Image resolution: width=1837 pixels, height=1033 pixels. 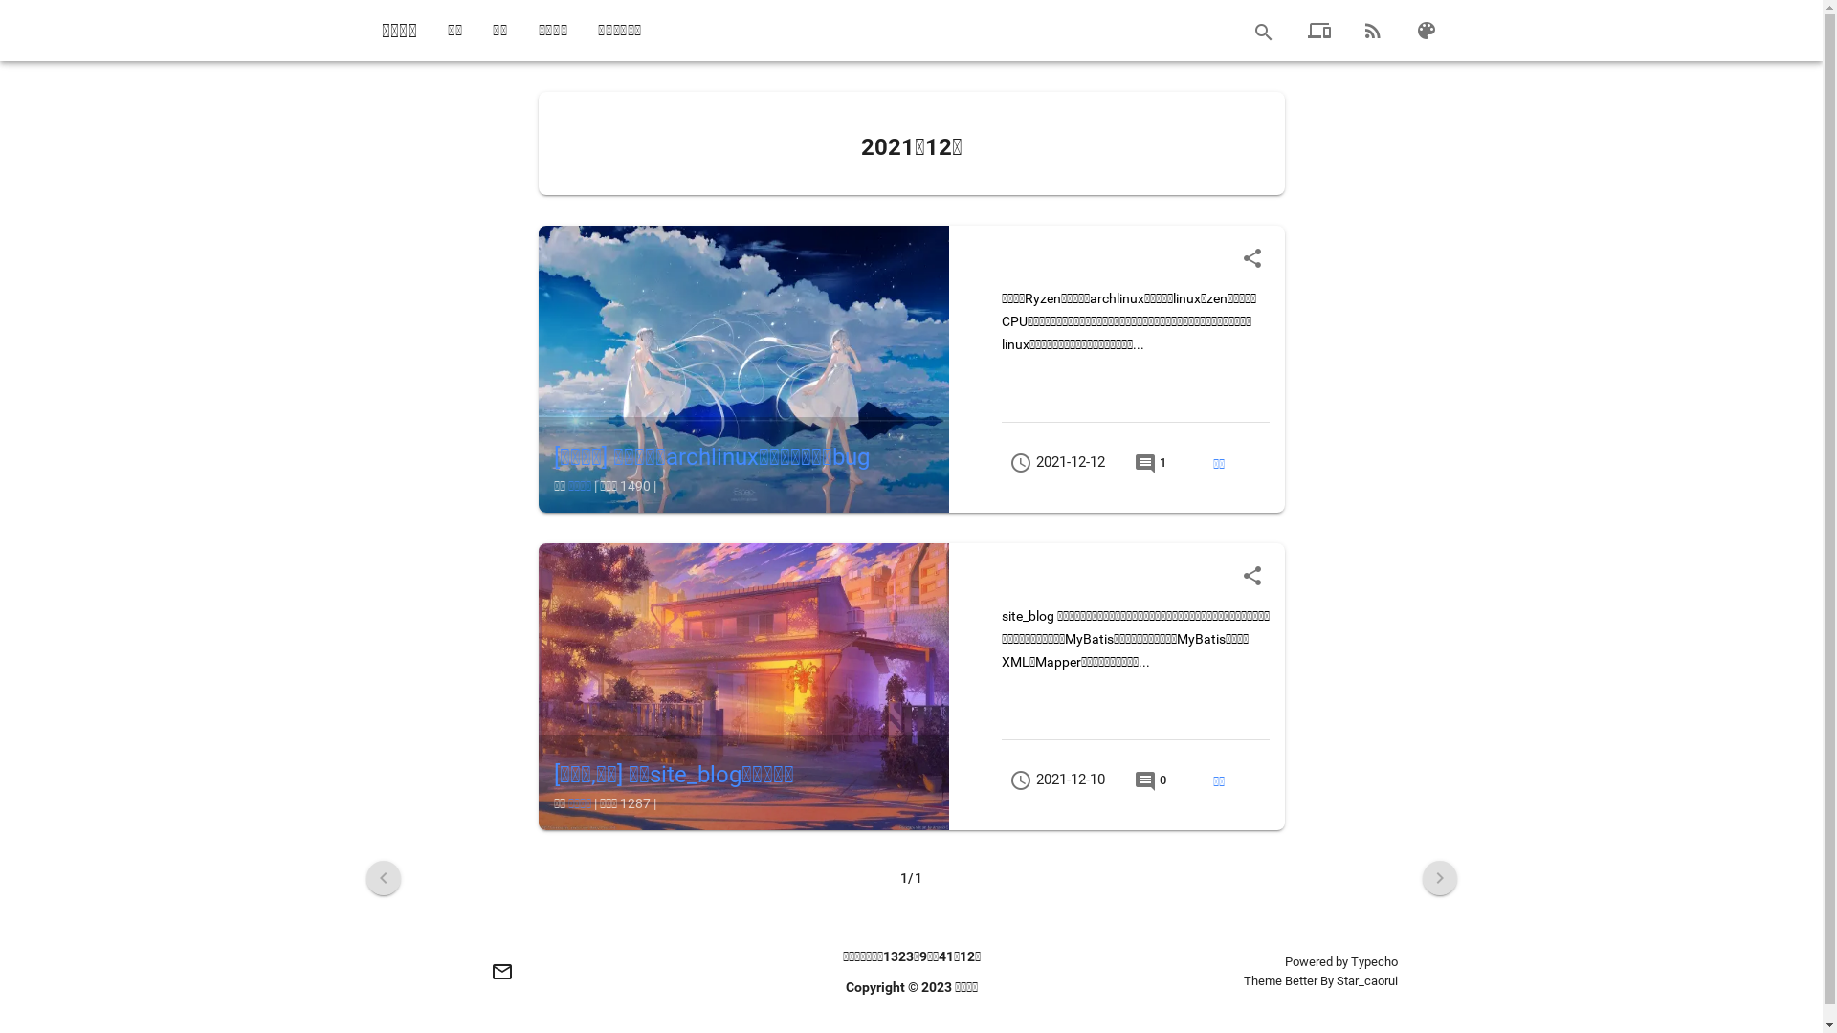 What do you see at coordinates (1438, 878) in the screenshot?
I see `'navigate_next'` at bounding box center [1438, 878].